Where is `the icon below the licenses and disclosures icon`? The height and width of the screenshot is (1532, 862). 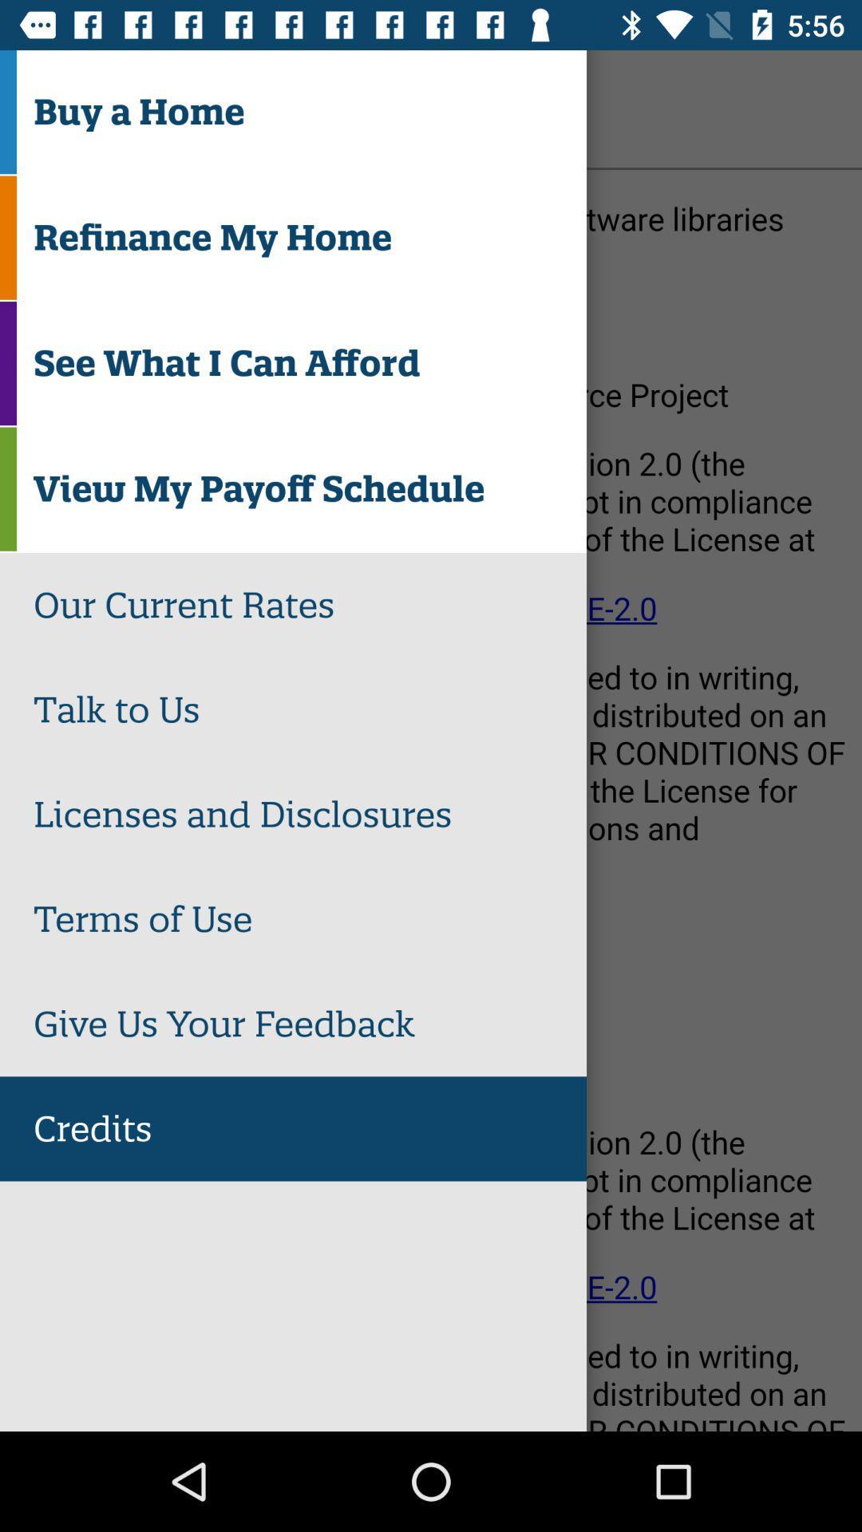
the icon below the licenses and disclosures icon is located at coordinates (310, 919).